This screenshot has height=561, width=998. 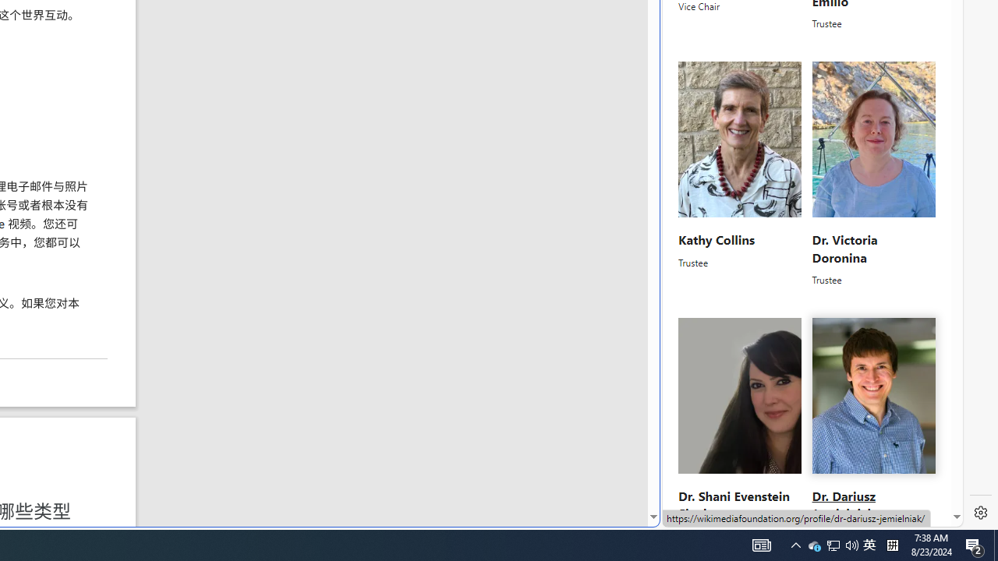 What do you see at coordinates (873, 174) in the screenshot?
I see `'Dr. Victoria DoroninaTrustee'` at bounding box center [873, 174].